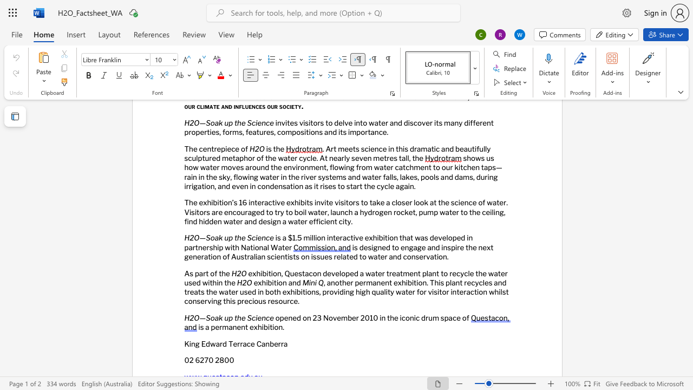 The height and width of the screenshot is (390, 693). I want to click on the 1th character "h" in the text, so click(238, 237).